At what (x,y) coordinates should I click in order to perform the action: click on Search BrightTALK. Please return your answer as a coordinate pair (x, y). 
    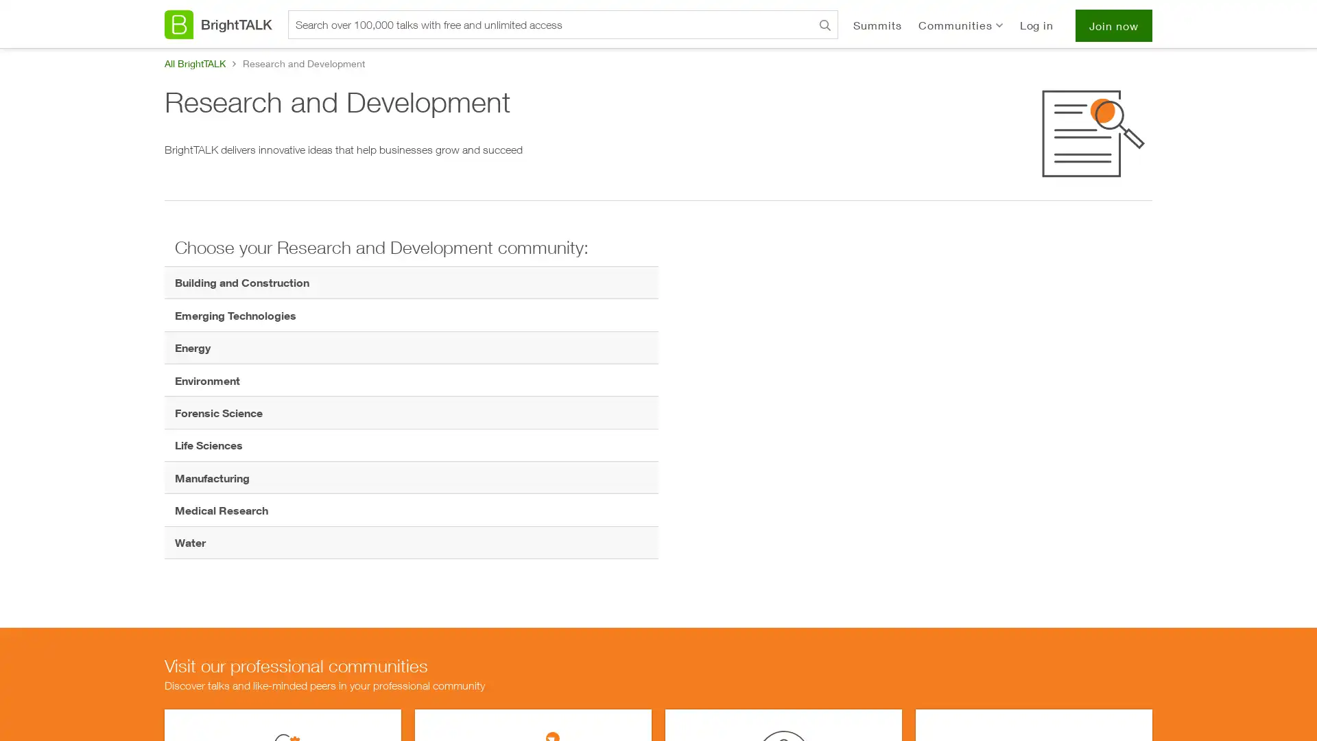
    Looking at the image, I should click on (824, 26).